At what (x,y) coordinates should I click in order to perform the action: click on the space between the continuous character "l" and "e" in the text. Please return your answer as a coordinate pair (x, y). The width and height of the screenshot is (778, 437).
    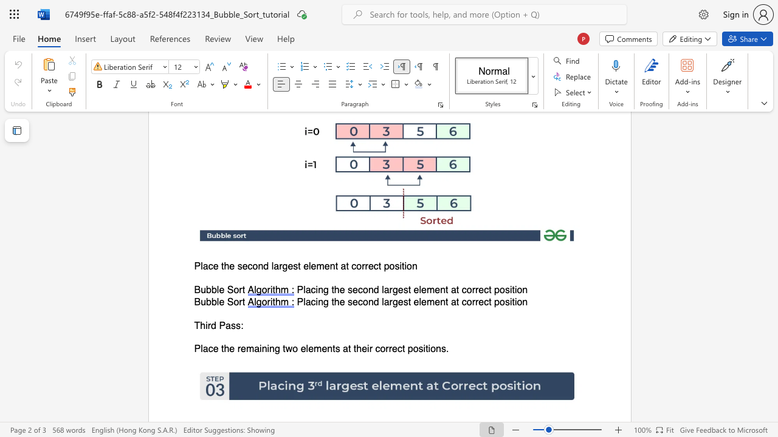
    Looking at the image, I should click on (422, 290).